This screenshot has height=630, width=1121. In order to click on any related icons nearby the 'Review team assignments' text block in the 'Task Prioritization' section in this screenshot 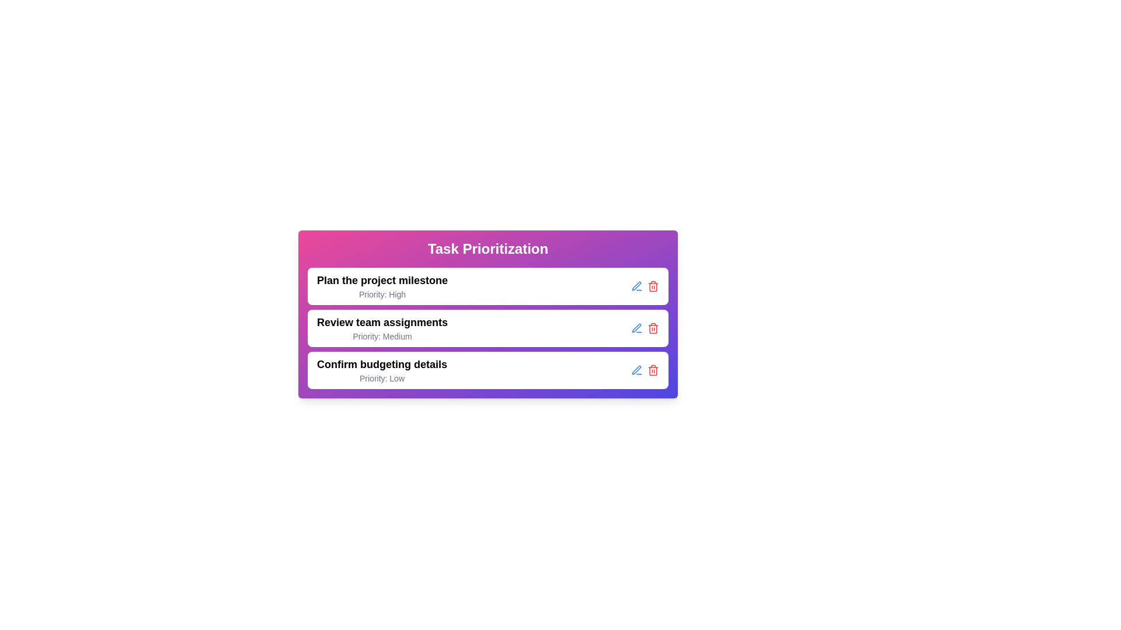, I will do `click(382, 328)`.